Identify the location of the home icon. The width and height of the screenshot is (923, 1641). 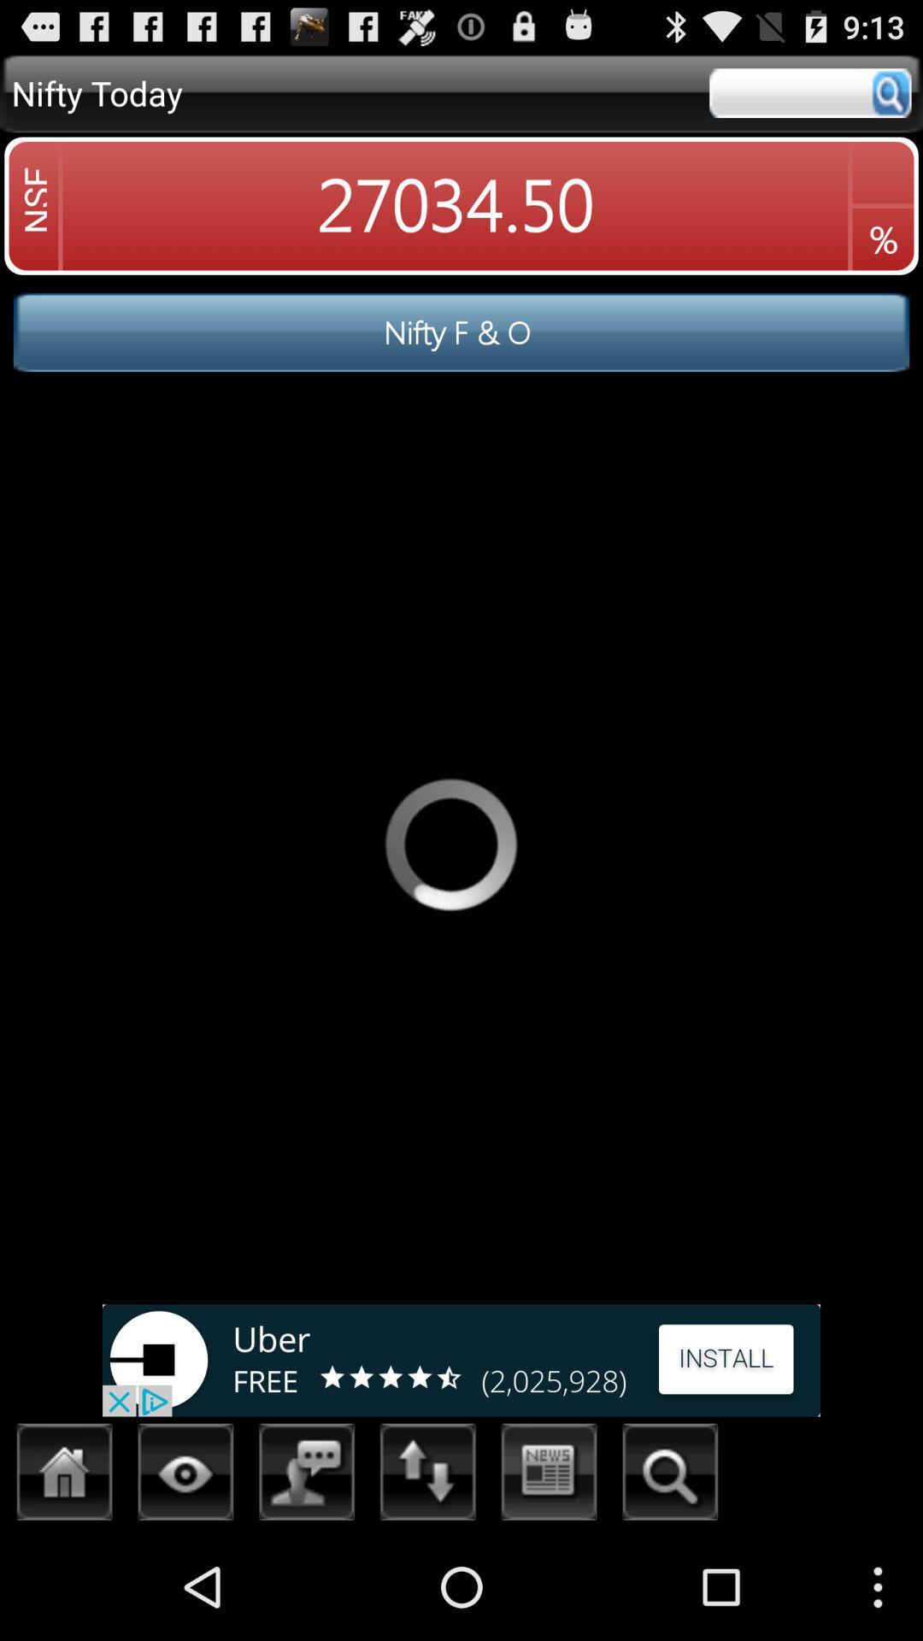
(64, 1579).